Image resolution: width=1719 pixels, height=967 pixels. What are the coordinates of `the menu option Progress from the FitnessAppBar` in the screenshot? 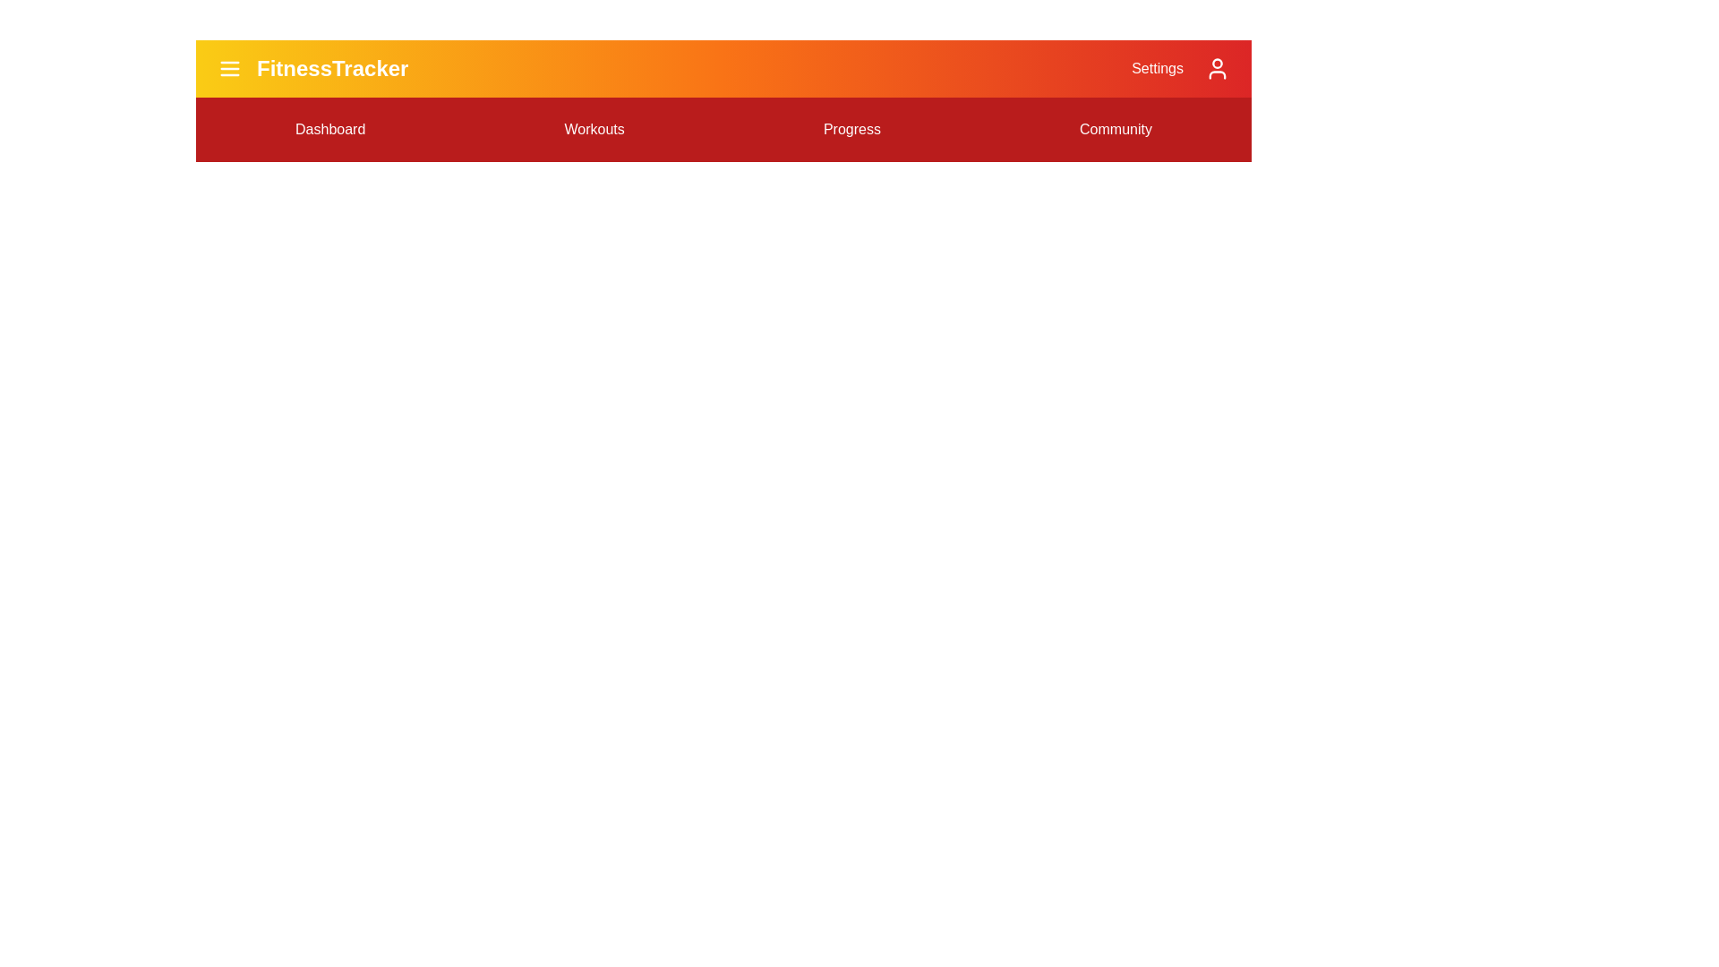 It's located at (850, 129).